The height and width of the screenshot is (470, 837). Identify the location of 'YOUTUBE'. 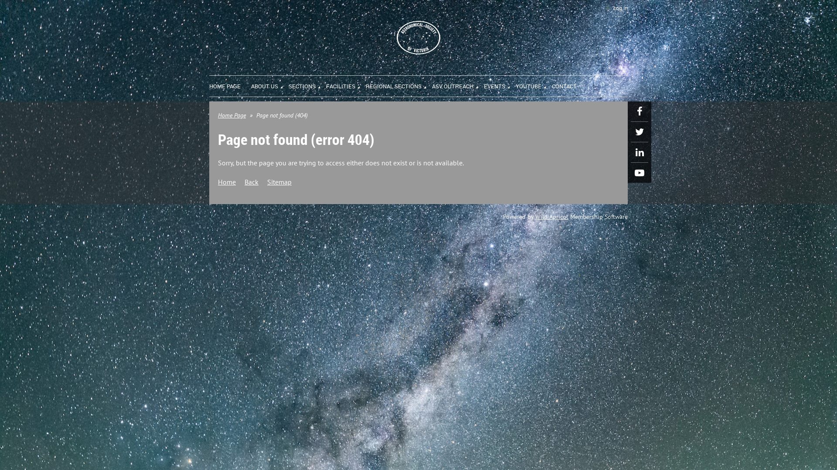
(533, 85).